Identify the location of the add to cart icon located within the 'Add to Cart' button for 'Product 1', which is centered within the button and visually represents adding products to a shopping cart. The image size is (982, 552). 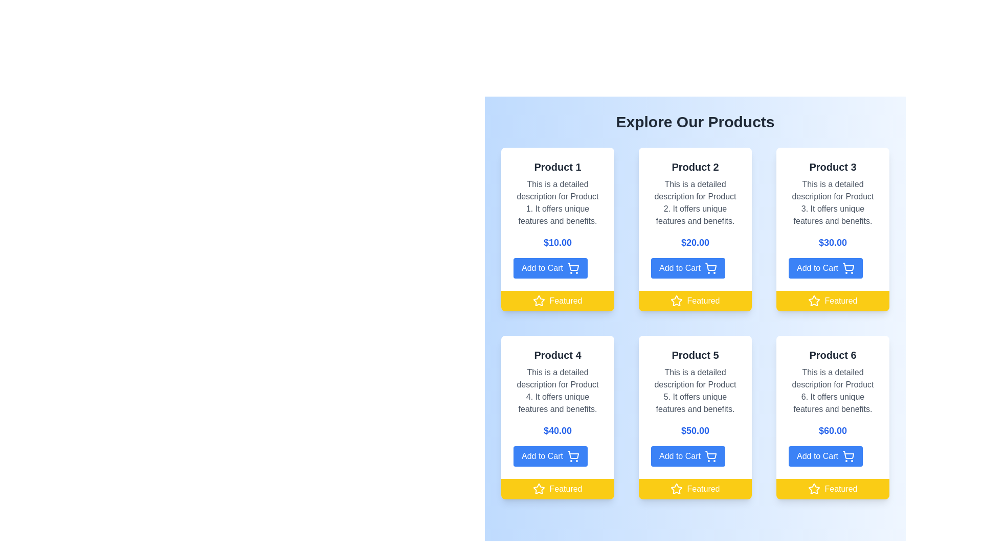
(573, 266).